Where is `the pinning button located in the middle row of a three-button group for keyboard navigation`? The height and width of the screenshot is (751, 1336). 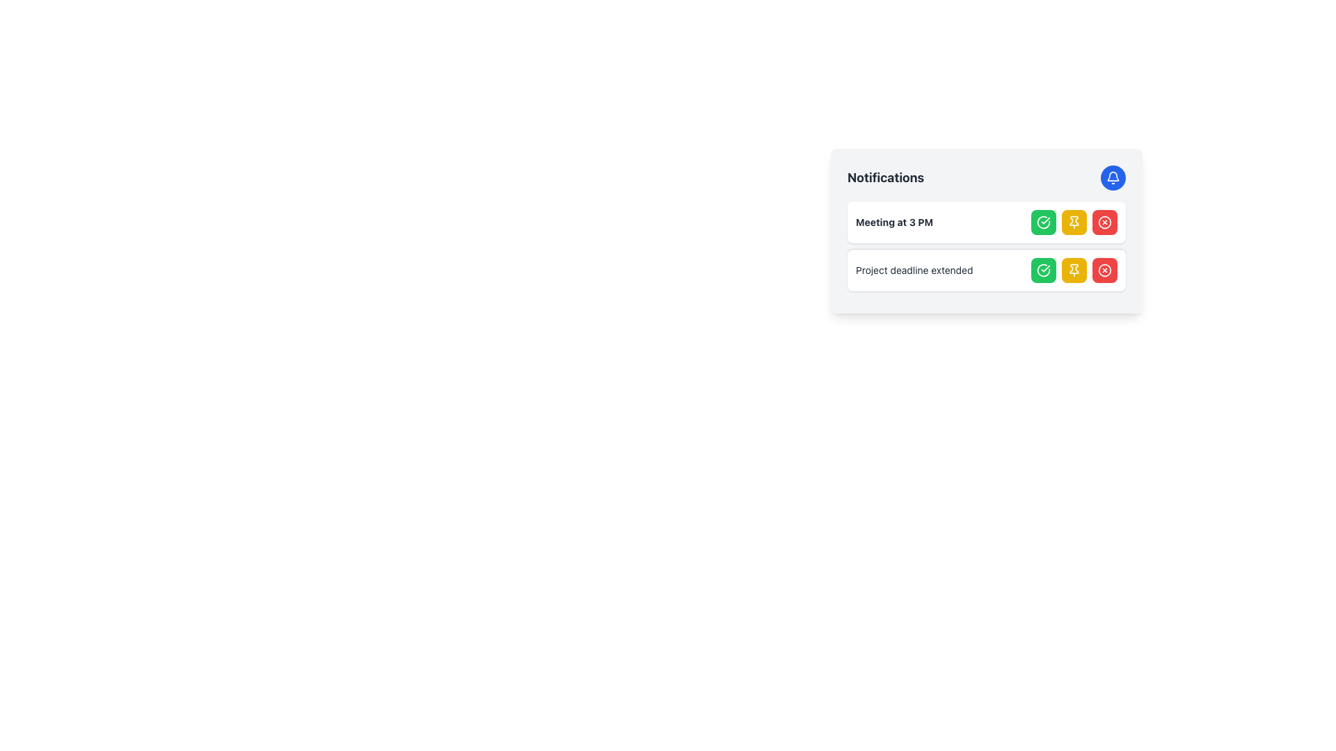 the pinning button located in the middle row of a three-button group for keyboard navigation is located at coordinates (1074, 222).